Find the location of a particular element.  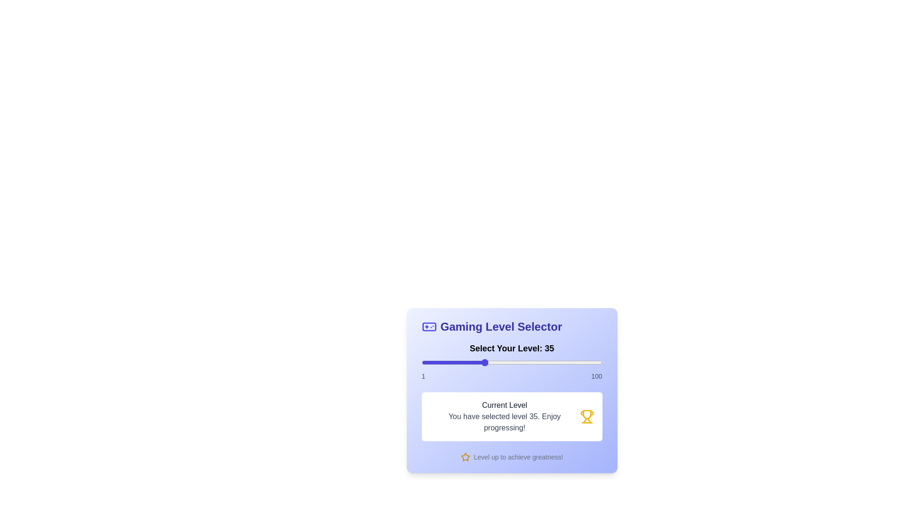

the left-side handle of the trophy icon in the SVG illustration, which signifies achievement or progression is located at coordinates (585, 420).